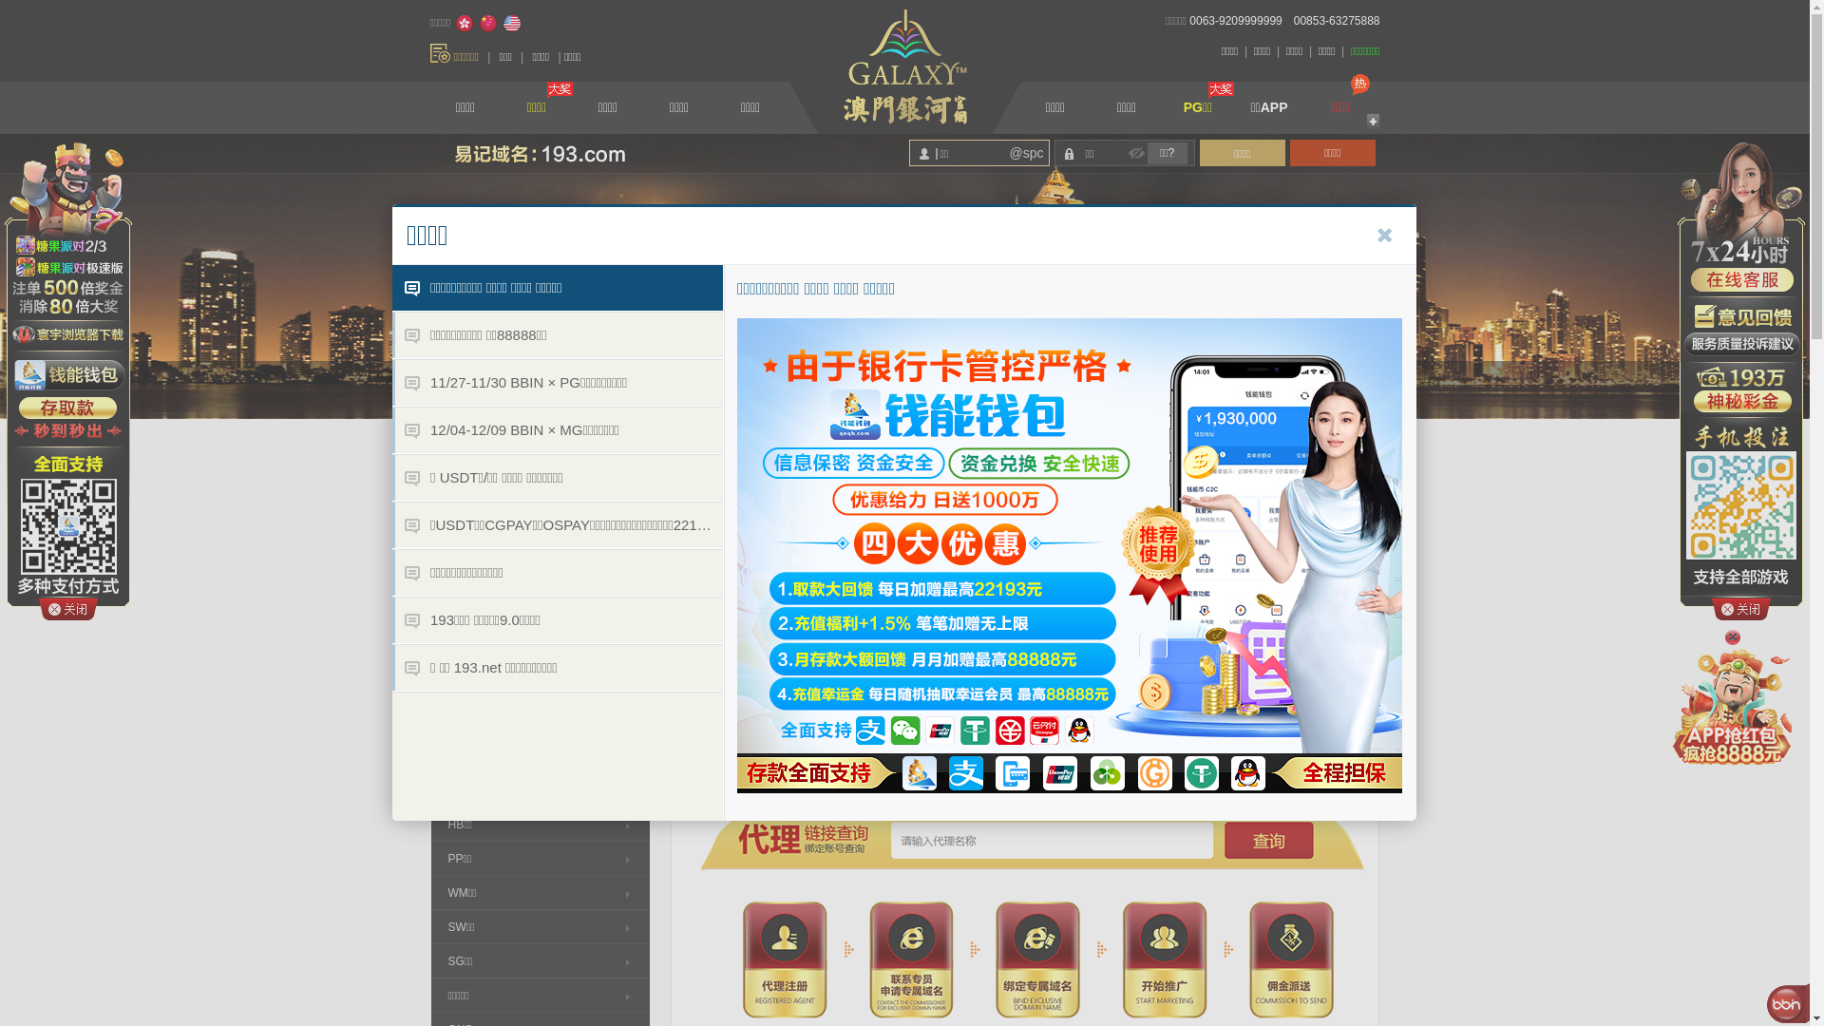 The height and width of the screenshot is (1026, 1824). I want to click on 'English', so click(502, 23).